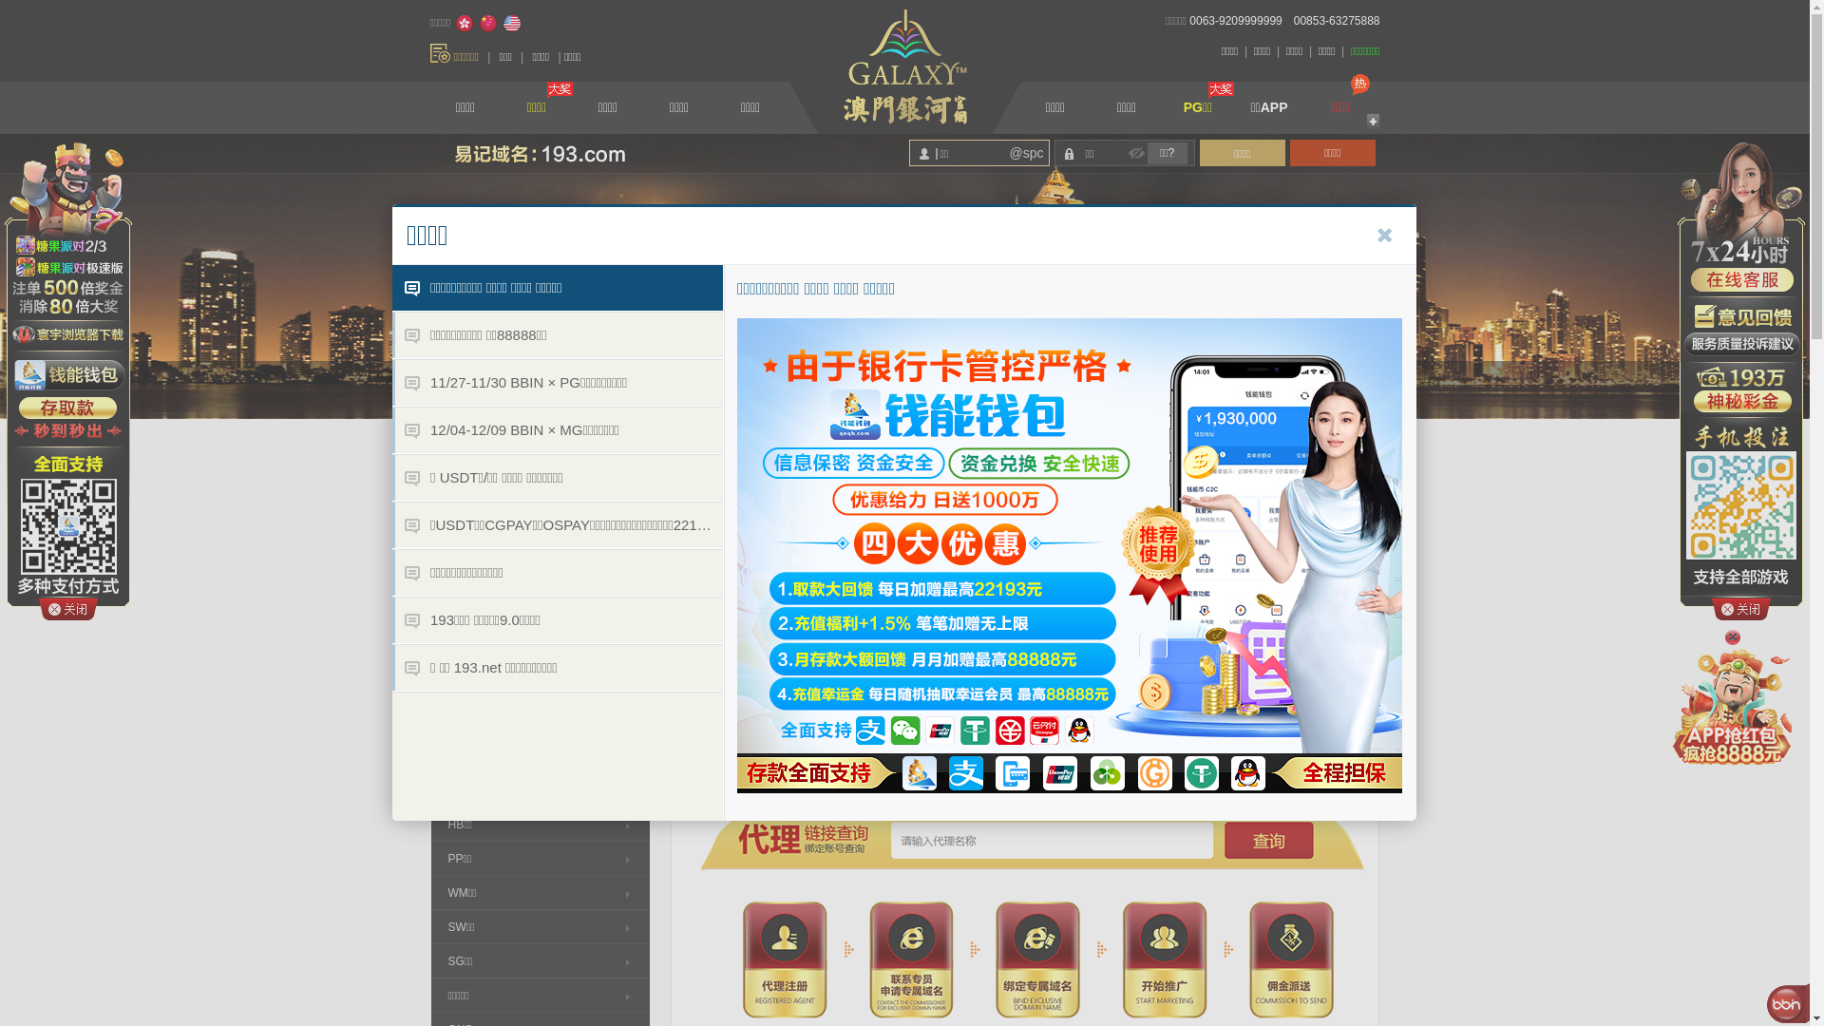 The height and width of the screenshot is (1026, 1824). I want to click on 'English', so click(502, 23).